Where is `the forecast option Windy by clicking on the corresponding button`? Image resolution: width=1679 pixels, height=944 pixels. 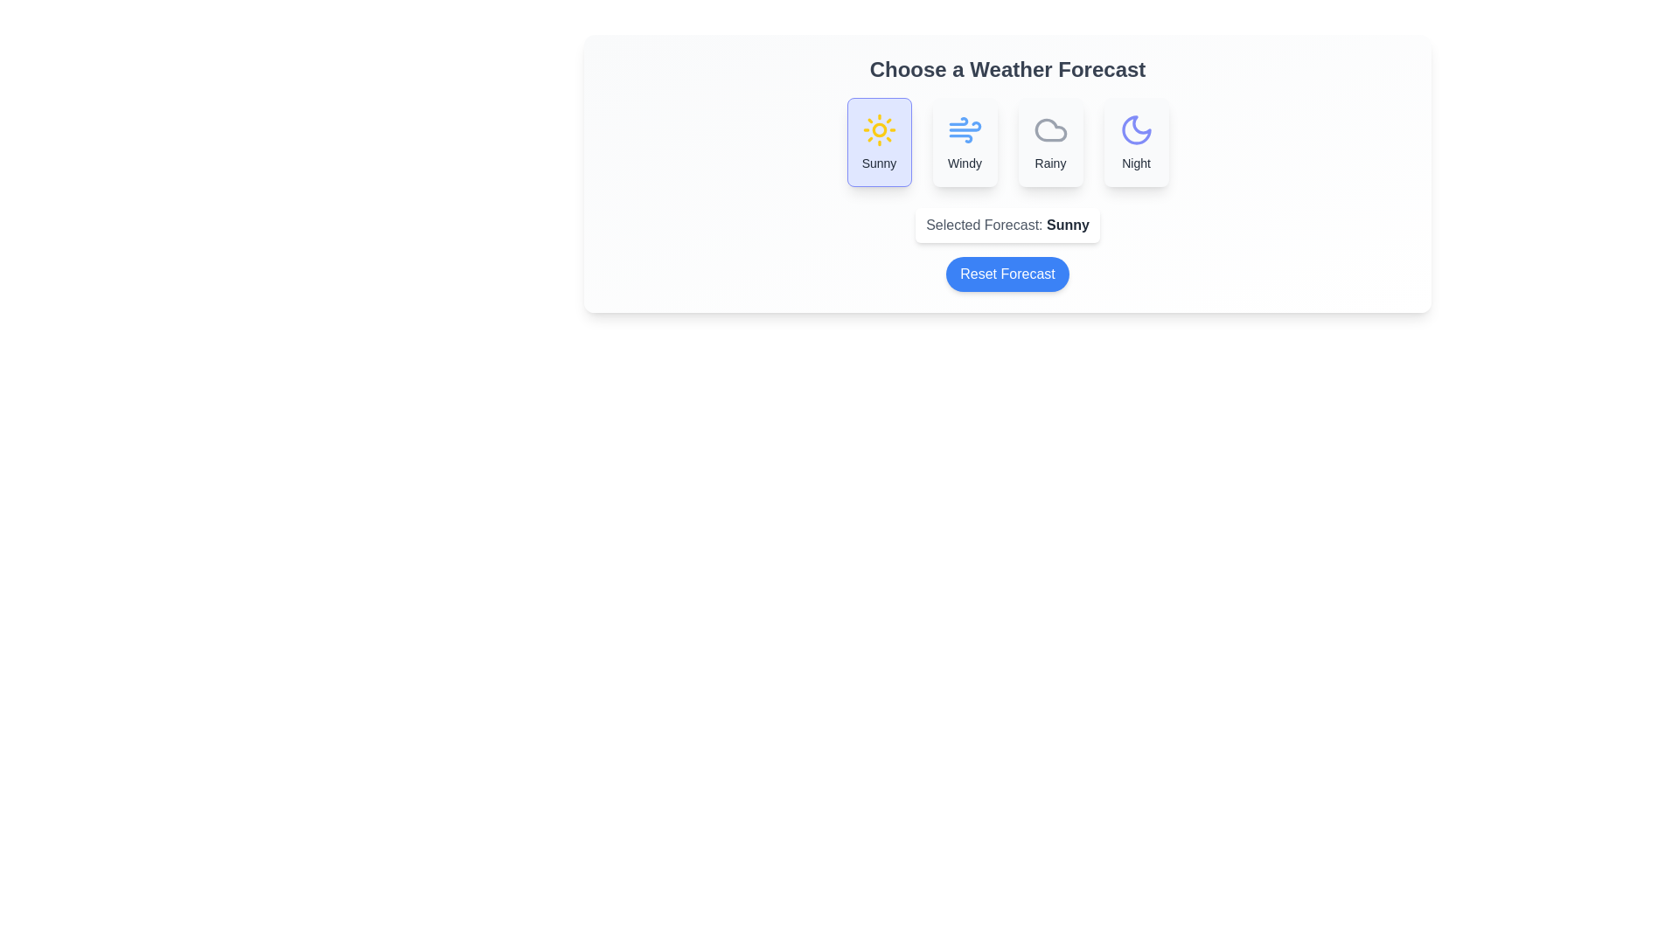 the forecast option Windy by clicking on the corresponding button is located at coordinates (964, 141).